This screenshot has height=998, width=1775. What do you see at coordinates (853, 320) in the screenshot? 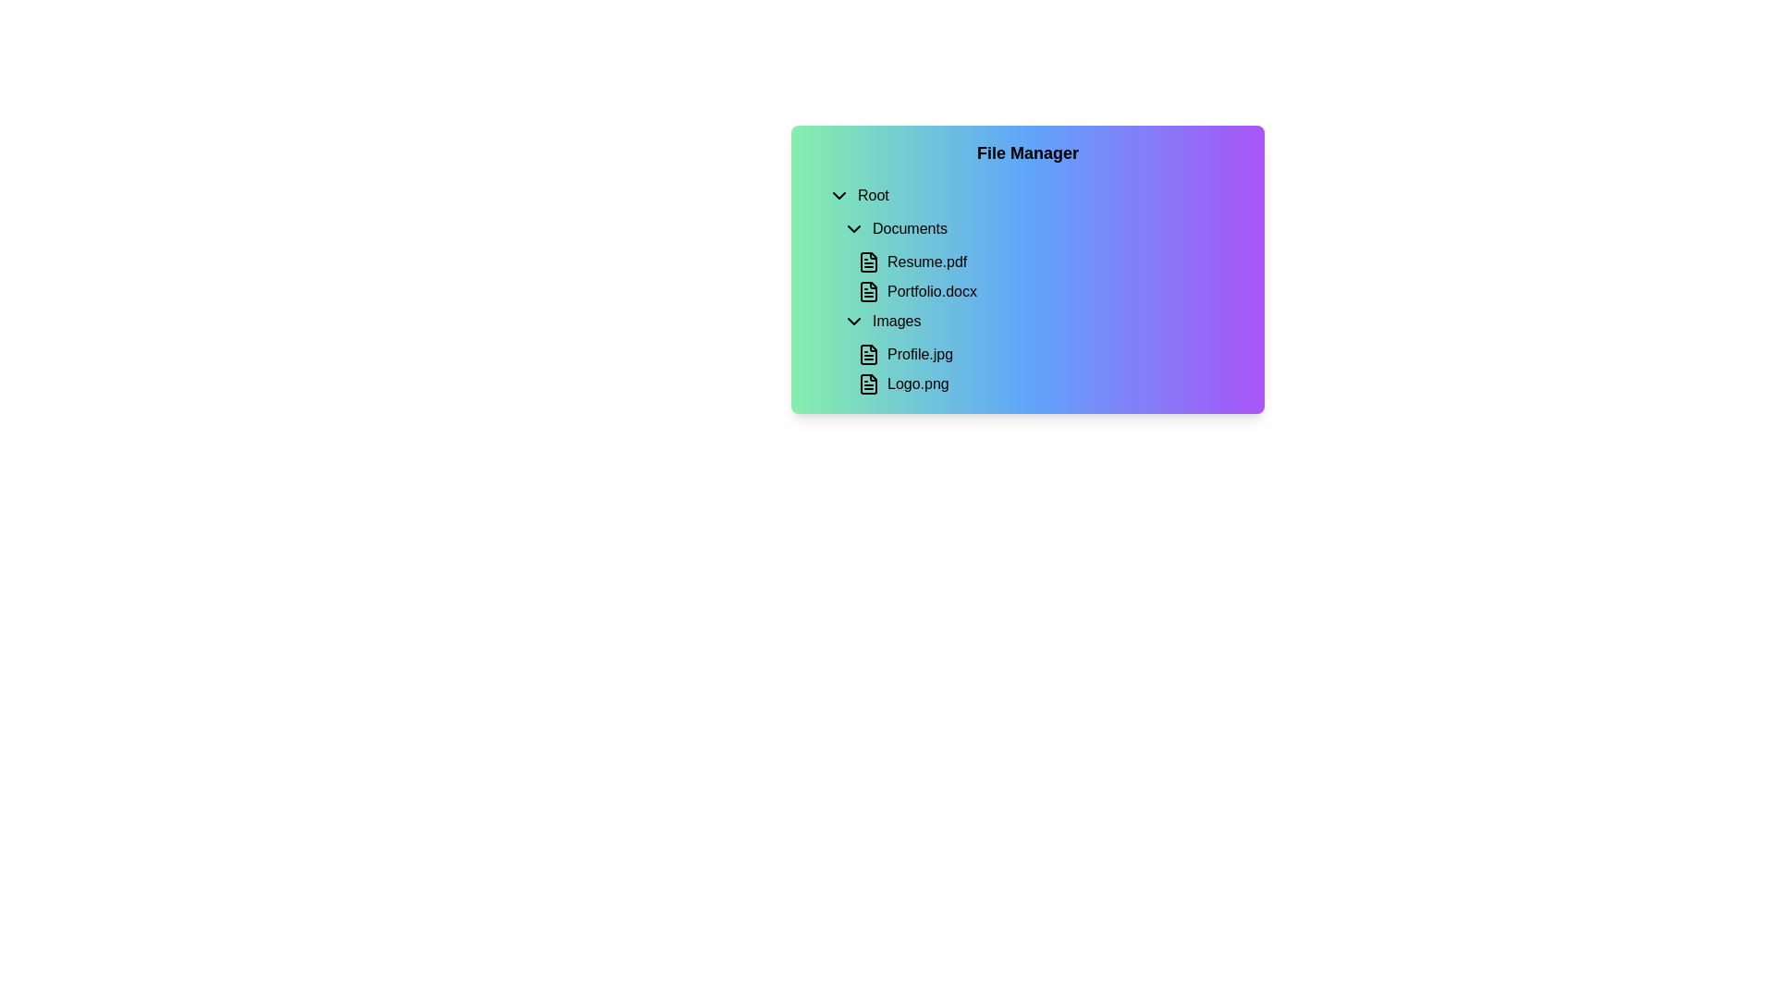
I see `the chevron icon` at bounding box center [853, 320].